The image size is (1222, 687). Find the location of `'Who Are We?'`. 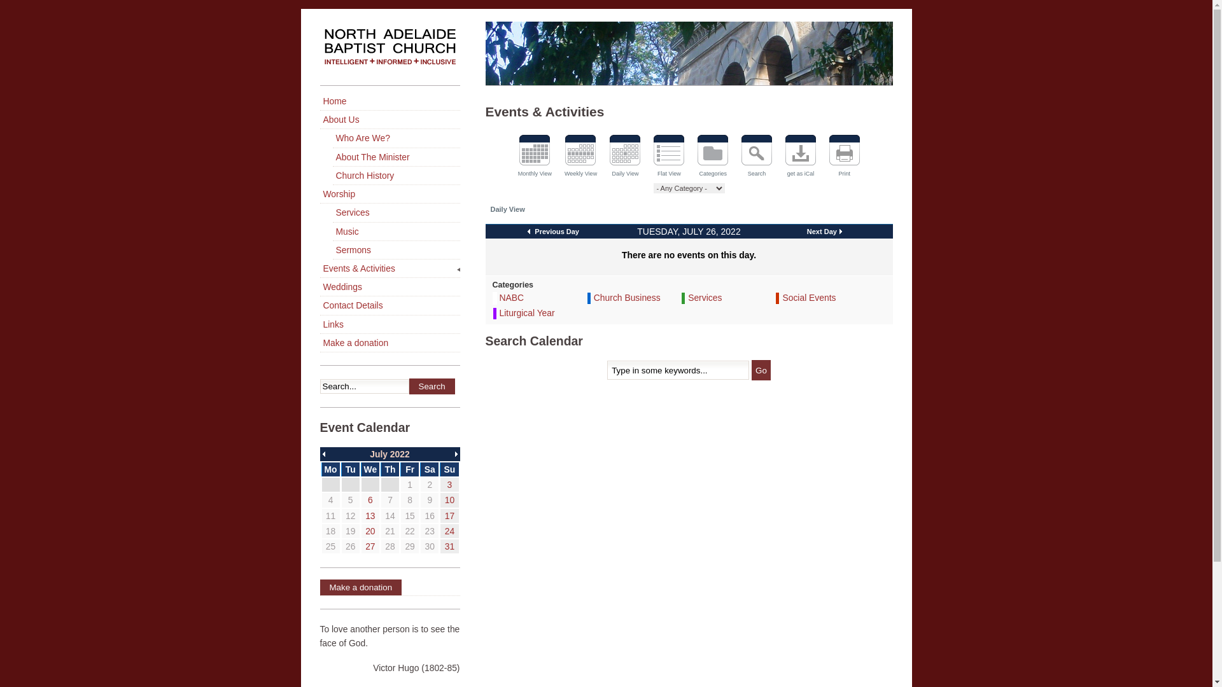

'Who Are We?' is located at coordinates (395, 138).